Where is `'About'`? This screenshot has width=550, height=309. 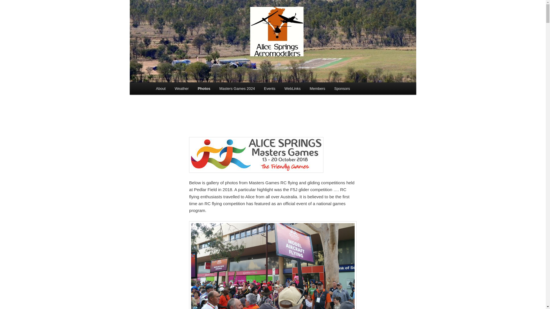
'About' is located at coordinates (151, 88).